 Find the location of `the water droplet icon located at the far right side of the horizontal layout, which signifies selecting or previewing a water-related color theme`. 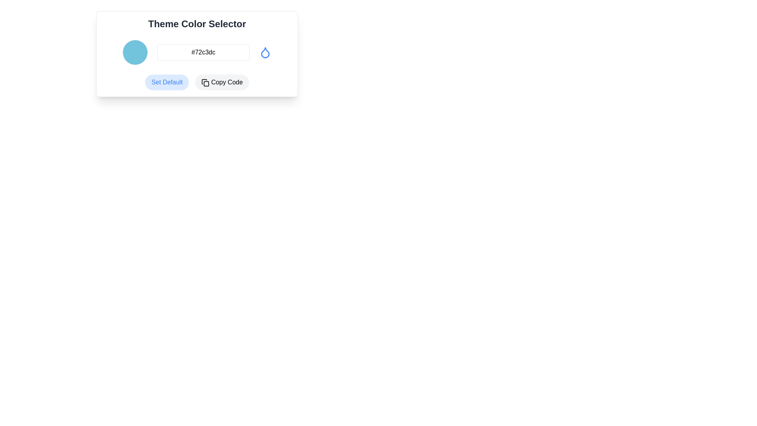

the water droplet icon located at the far right side of the horizontal layout, which signifies selecting or previewing a water-related color theme is located at coordinates (265, 52).